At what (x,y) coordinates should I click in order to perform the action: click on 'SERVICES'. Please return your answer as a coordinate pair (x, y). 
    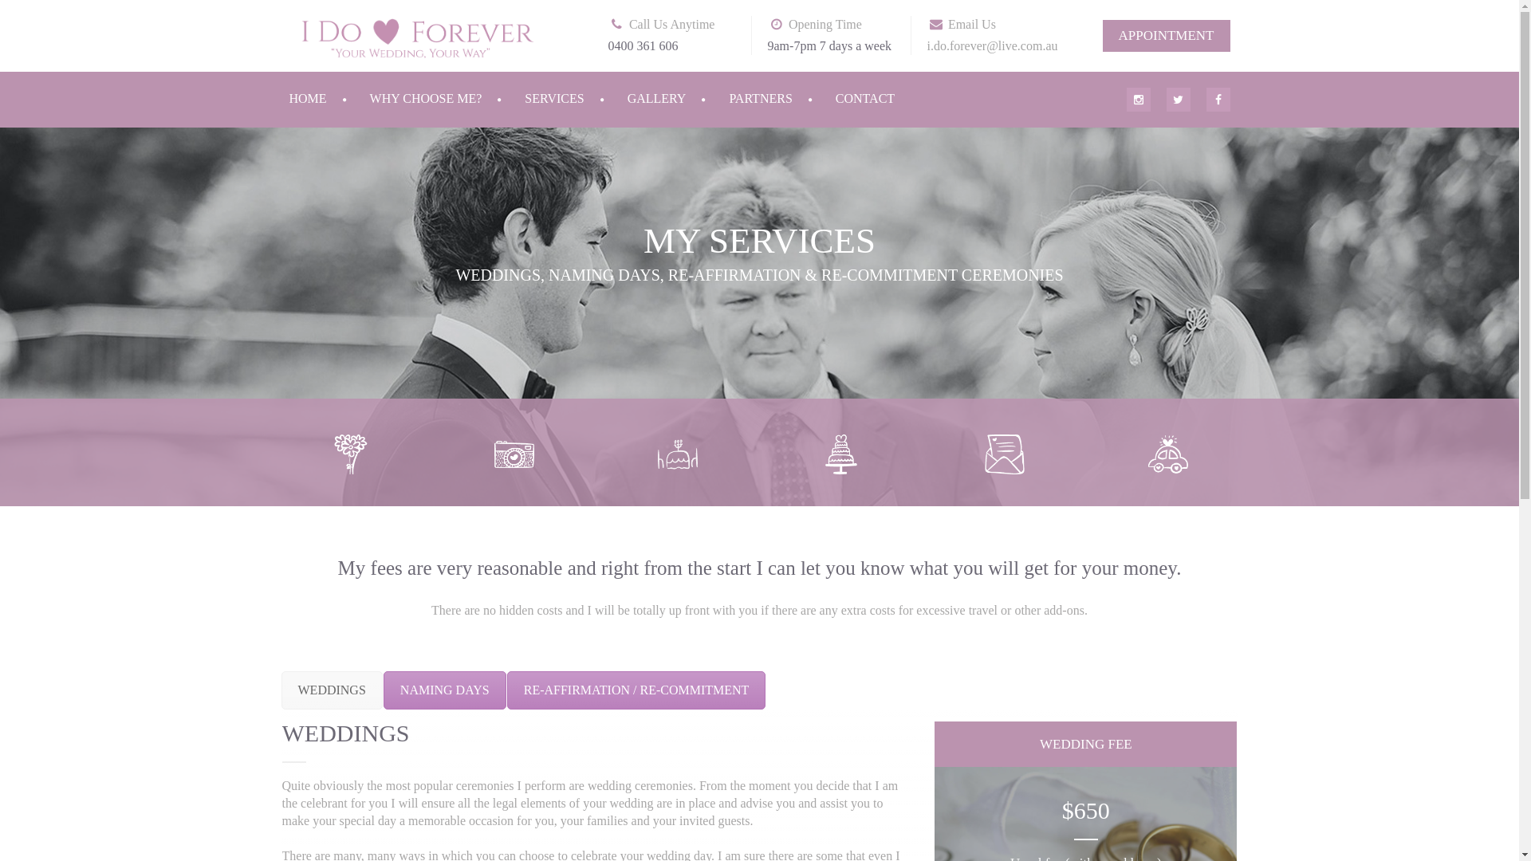
    Looking at the image, I should click on (571, 98).